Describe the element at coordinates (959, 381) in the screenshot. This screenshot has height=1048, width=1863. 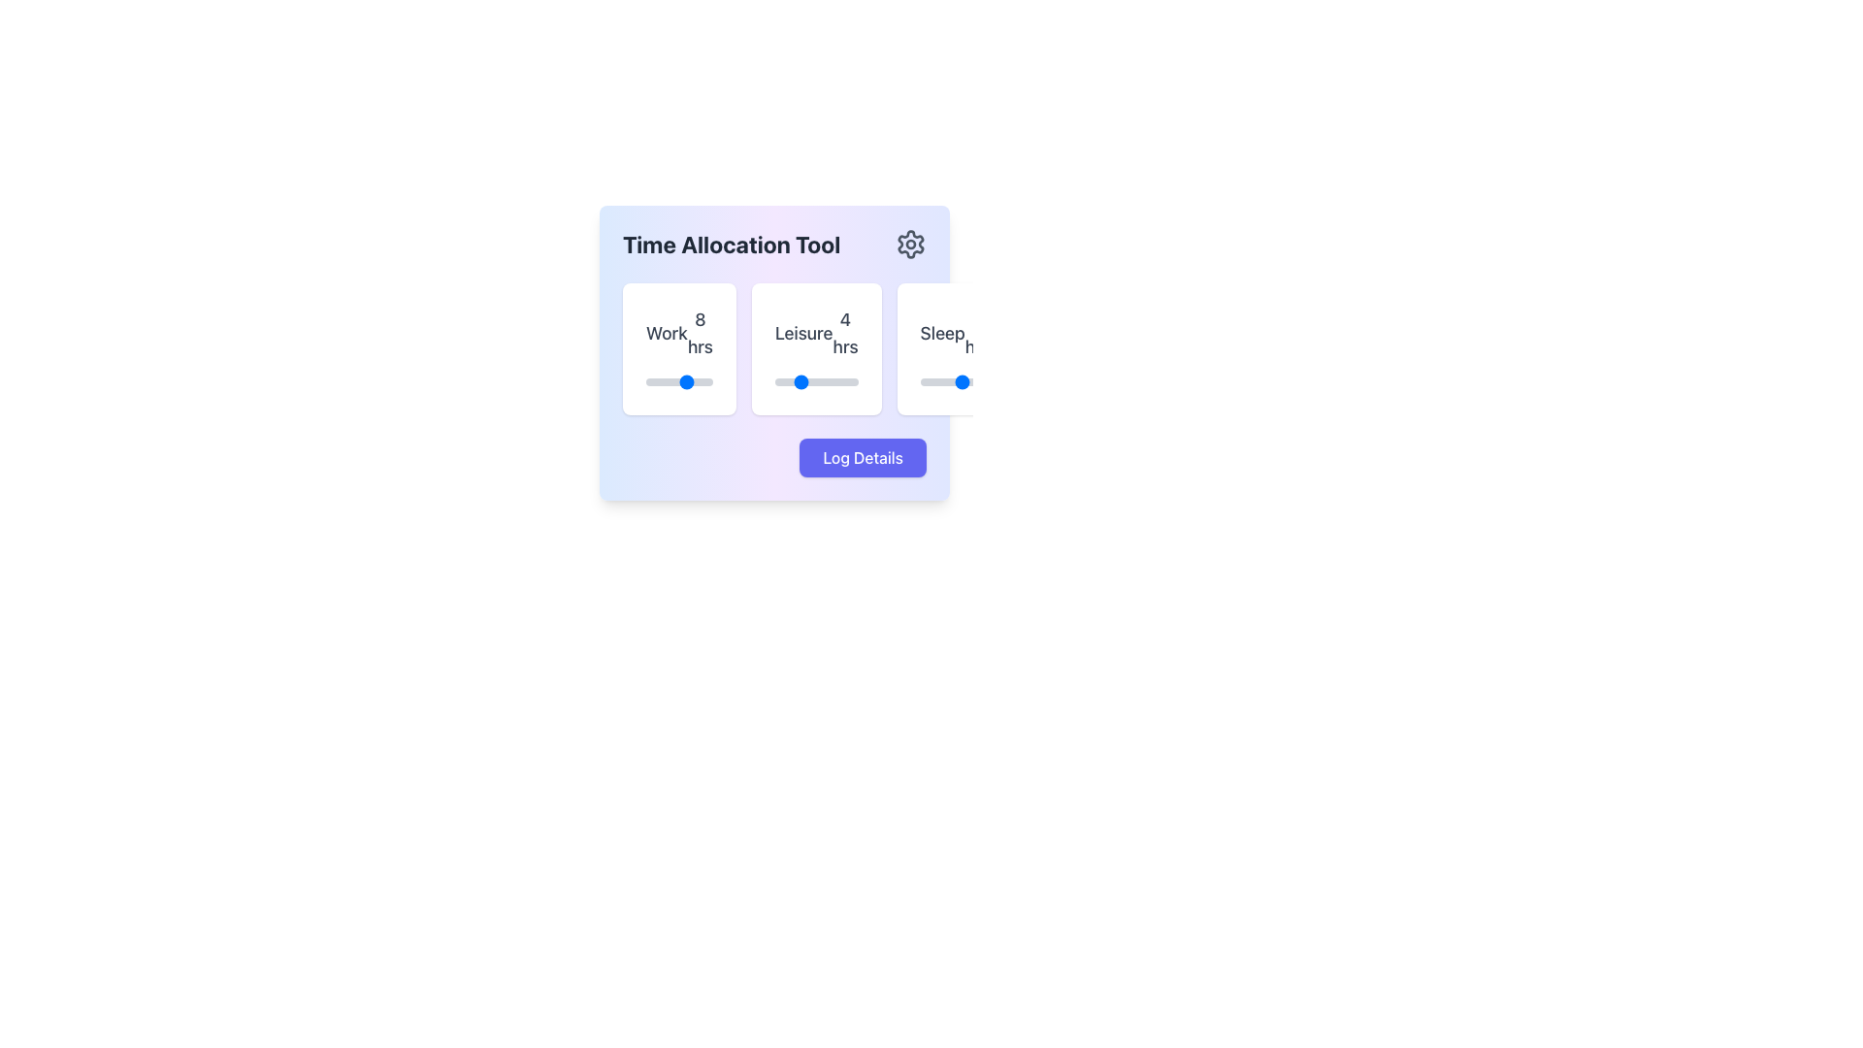
I see `sleep hours` at that location.